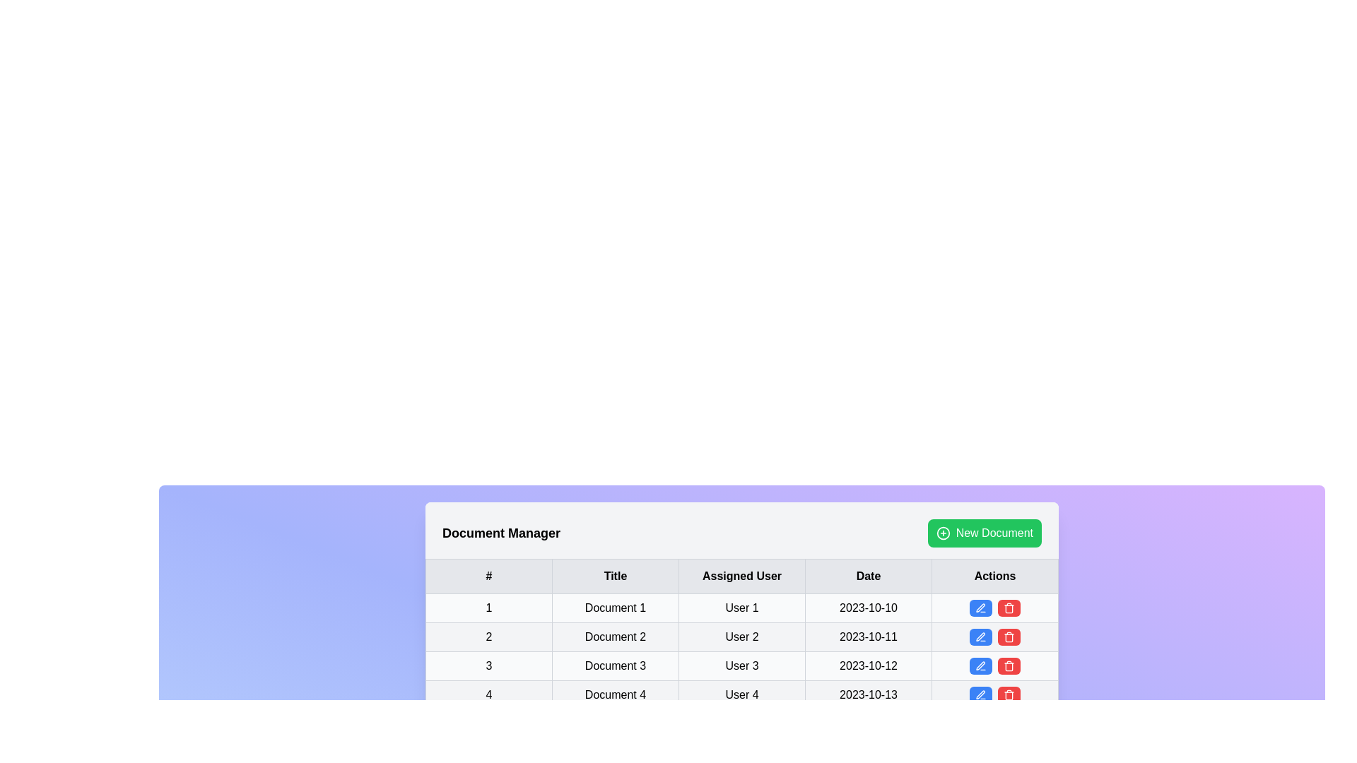  Describe the element at coordinates (867, 694) in the screenshot. I see `the table cell displaying the date '2023-10-13' located in the fourth row of the 'Date' column` at that location.